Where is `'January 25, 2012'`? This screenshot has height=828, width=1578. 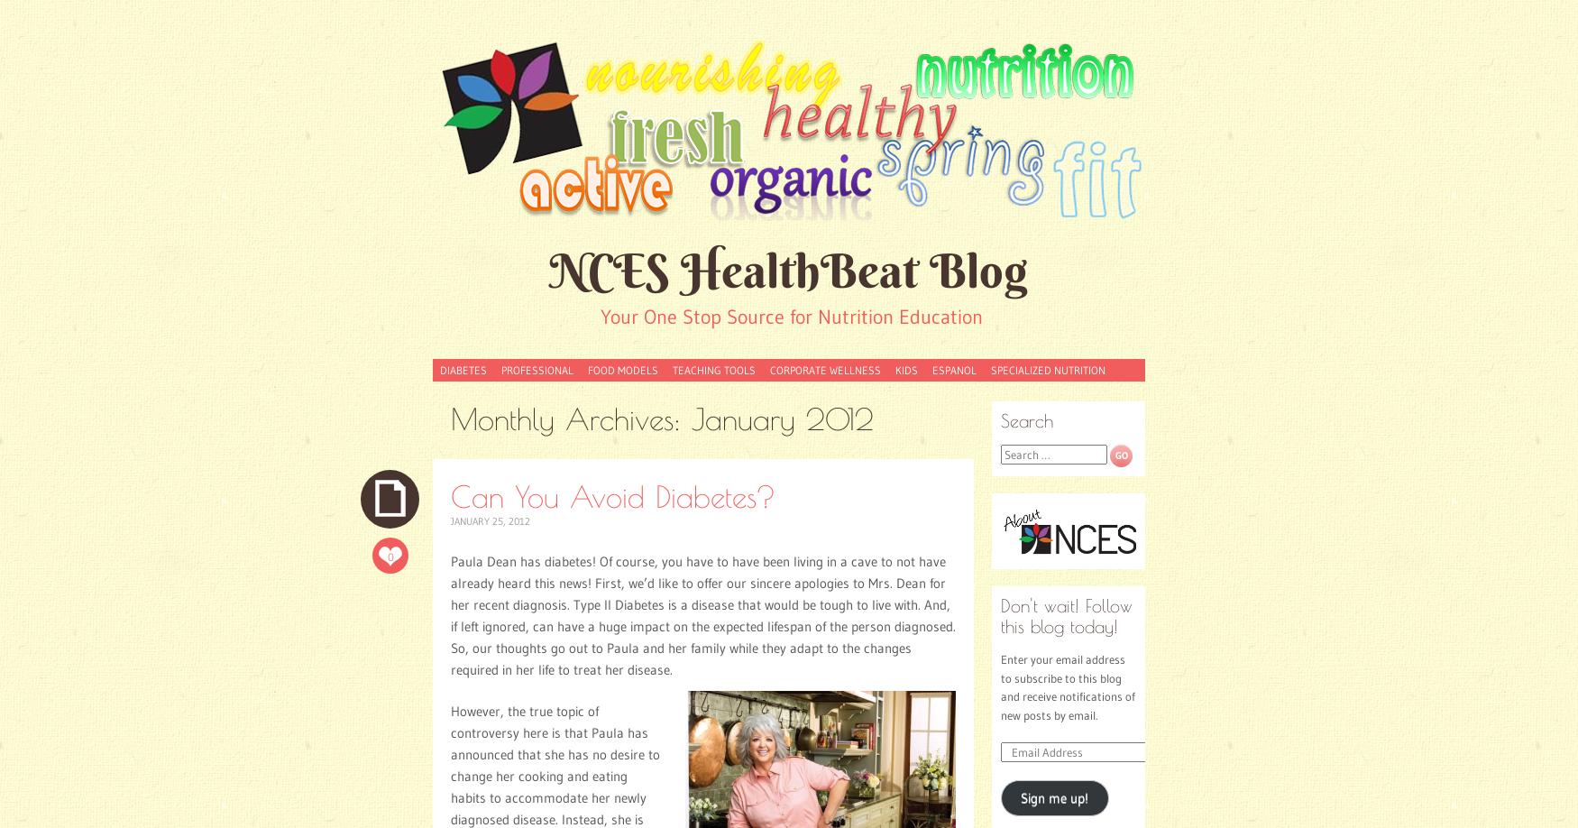
'January 25, 2012' is located at coordinates (490, 520).